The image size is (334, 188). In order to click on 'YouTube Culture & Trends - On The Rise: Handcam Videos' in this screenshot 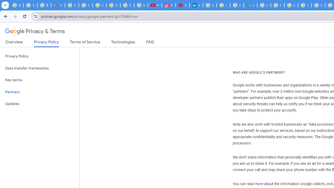, I will do `click(182, 5)`.